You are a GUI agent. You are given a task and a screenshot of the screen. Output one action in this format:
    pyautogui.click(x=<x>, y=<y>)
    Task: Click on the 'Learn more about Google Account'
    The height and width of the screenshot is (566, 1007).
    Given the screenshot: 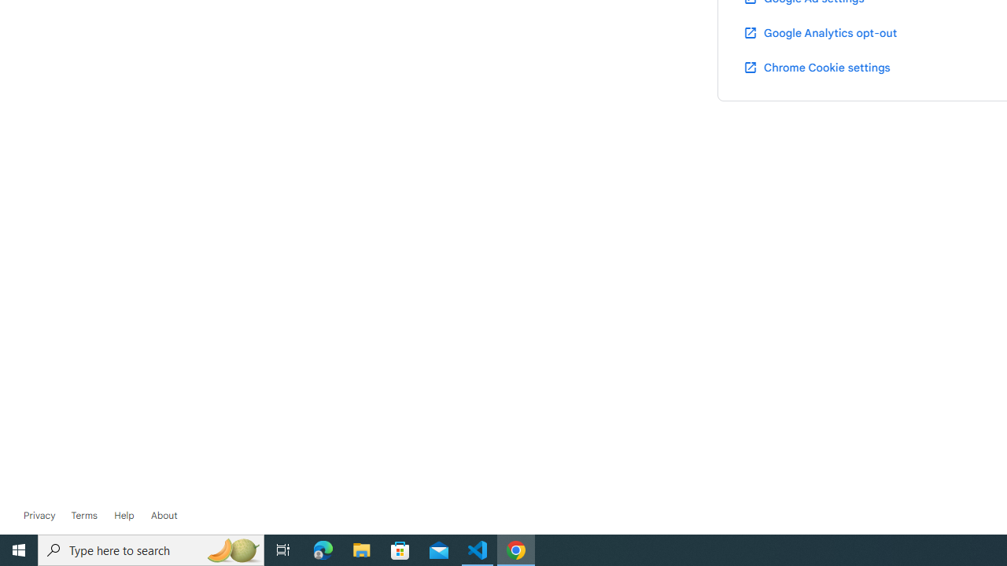 What is the action you would take?
    pyautogui.click(x=164, y=515)
    